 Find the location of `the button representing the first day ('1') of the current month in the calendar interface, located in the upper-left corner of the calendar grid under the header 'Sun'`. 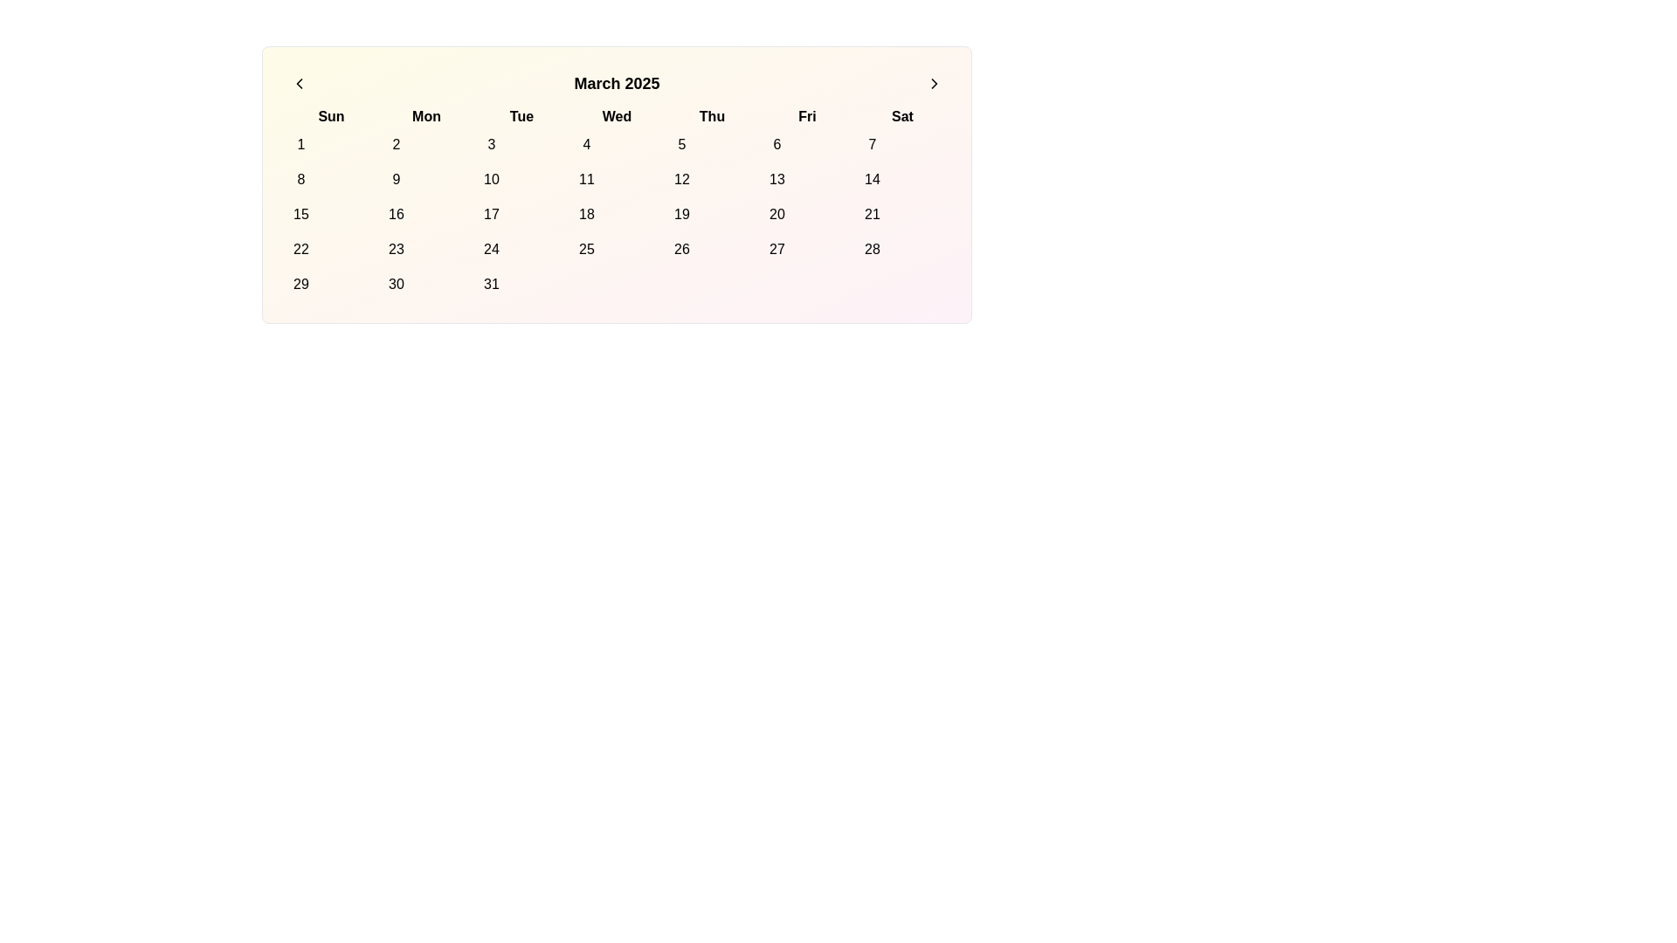

the button representing the first day ('1') of the current month in the calendar interface, located in the upper-left corner of the calendar grid under the header 'Sun' is located at coordinates (301, 143).